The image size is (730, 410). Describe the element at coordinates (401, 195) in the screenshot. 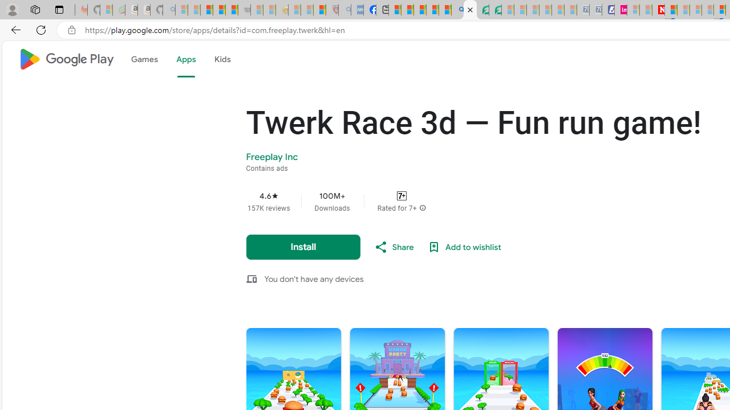

I see `'Content rating'` at that location.